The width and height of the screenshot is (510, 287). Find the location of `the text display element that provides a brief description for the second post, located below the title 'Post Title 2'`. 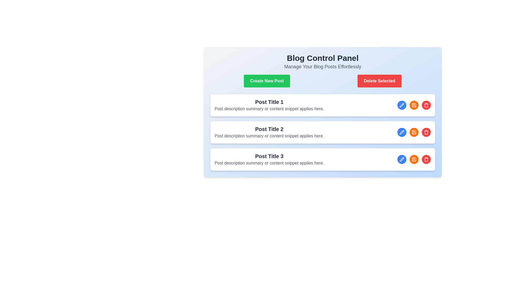

the text display element that provides a brief description for the second post, located below the title 'Post Title 2' is located at coordinates (269, 136).